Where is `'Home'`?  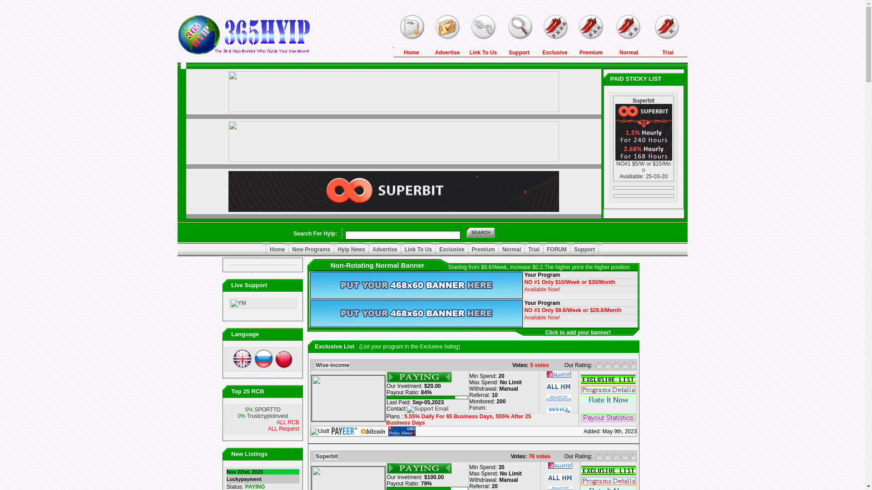 'Home' is located at coordinates (403, 52).